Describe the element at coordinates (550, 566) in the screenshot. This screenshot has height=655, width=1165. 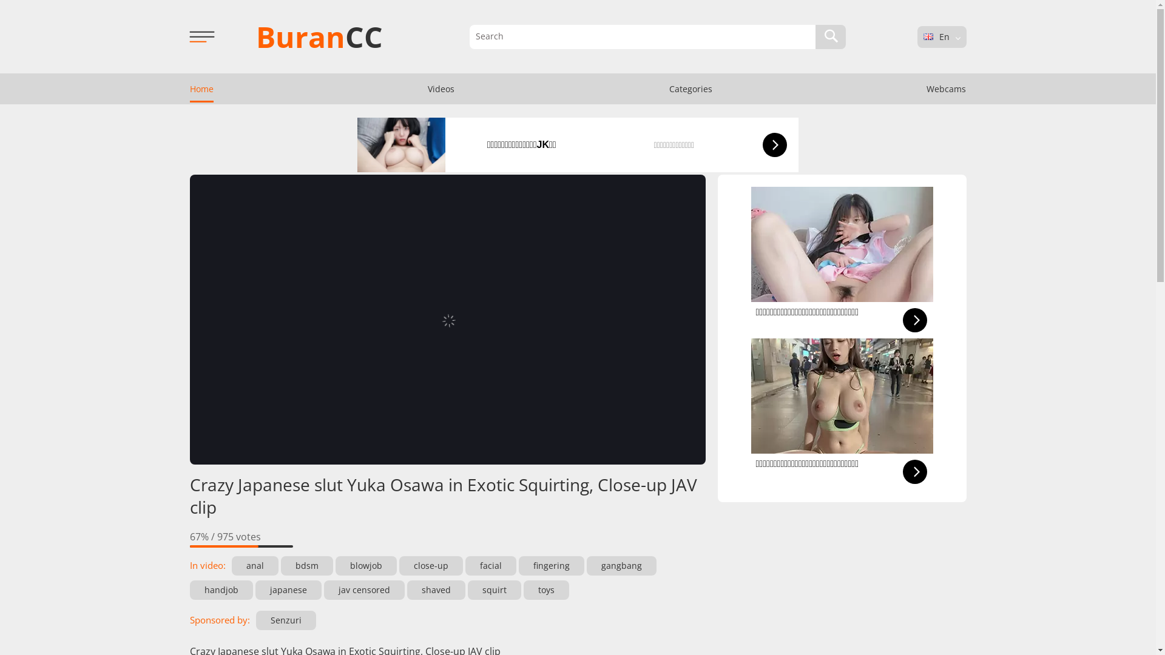
I see `'fingering'` at that location.